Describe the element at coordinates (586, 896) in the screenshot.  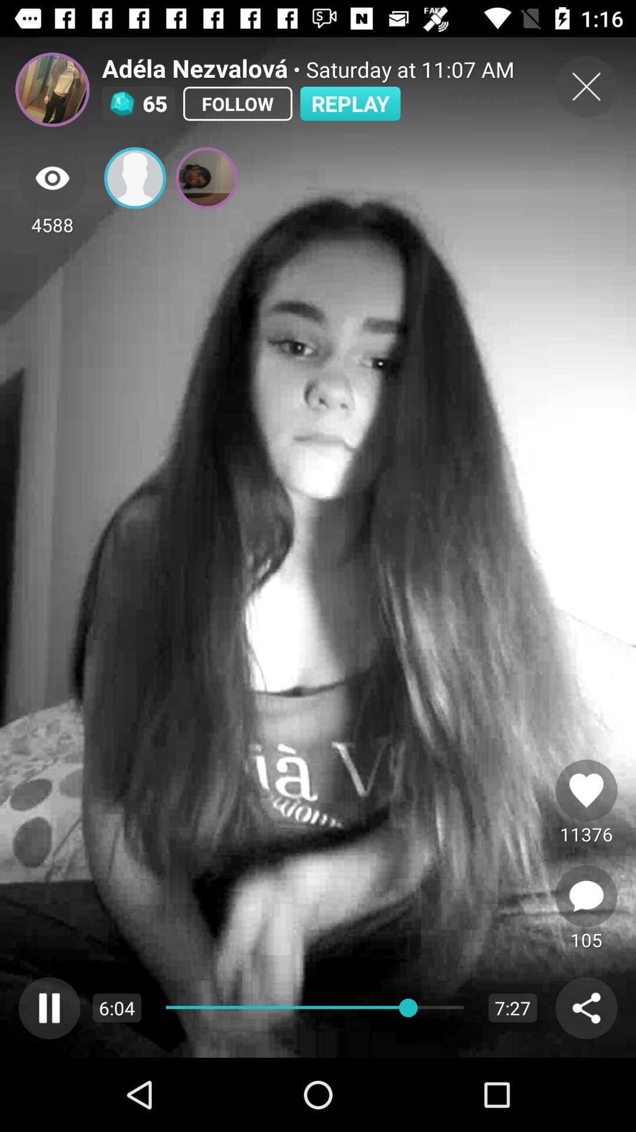
I see `the chat icon` at that location.